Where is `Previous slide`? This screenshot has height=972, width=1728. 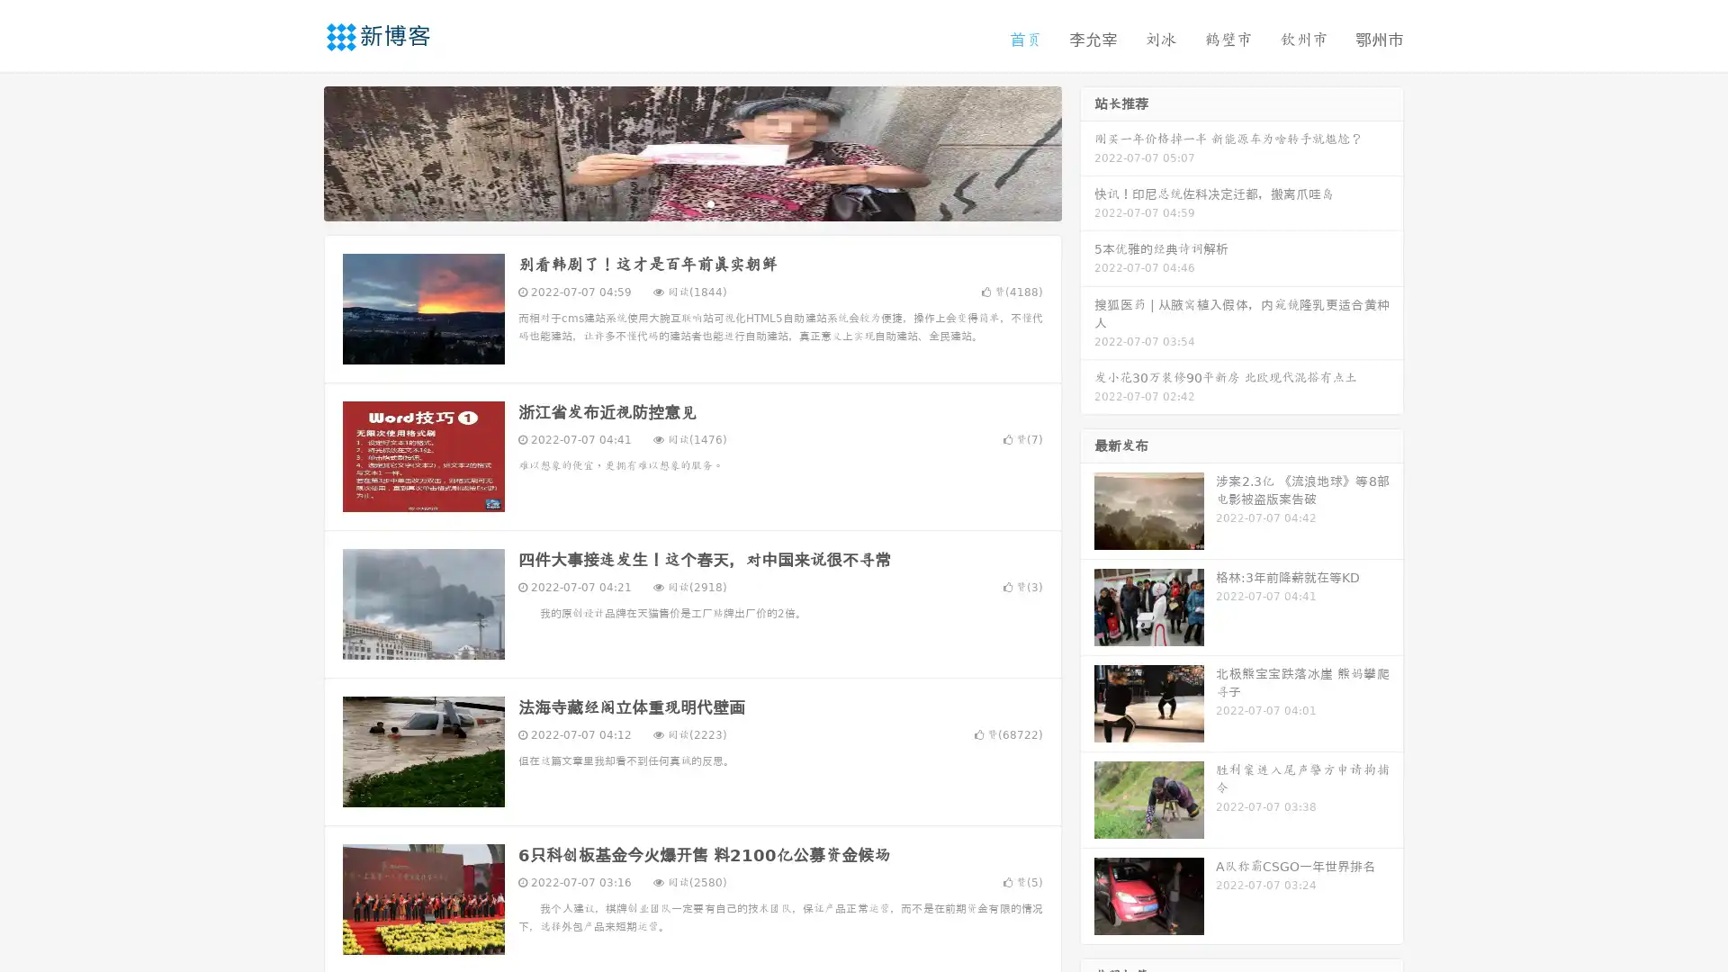
Previous slide is located at coordinates (297, 151).